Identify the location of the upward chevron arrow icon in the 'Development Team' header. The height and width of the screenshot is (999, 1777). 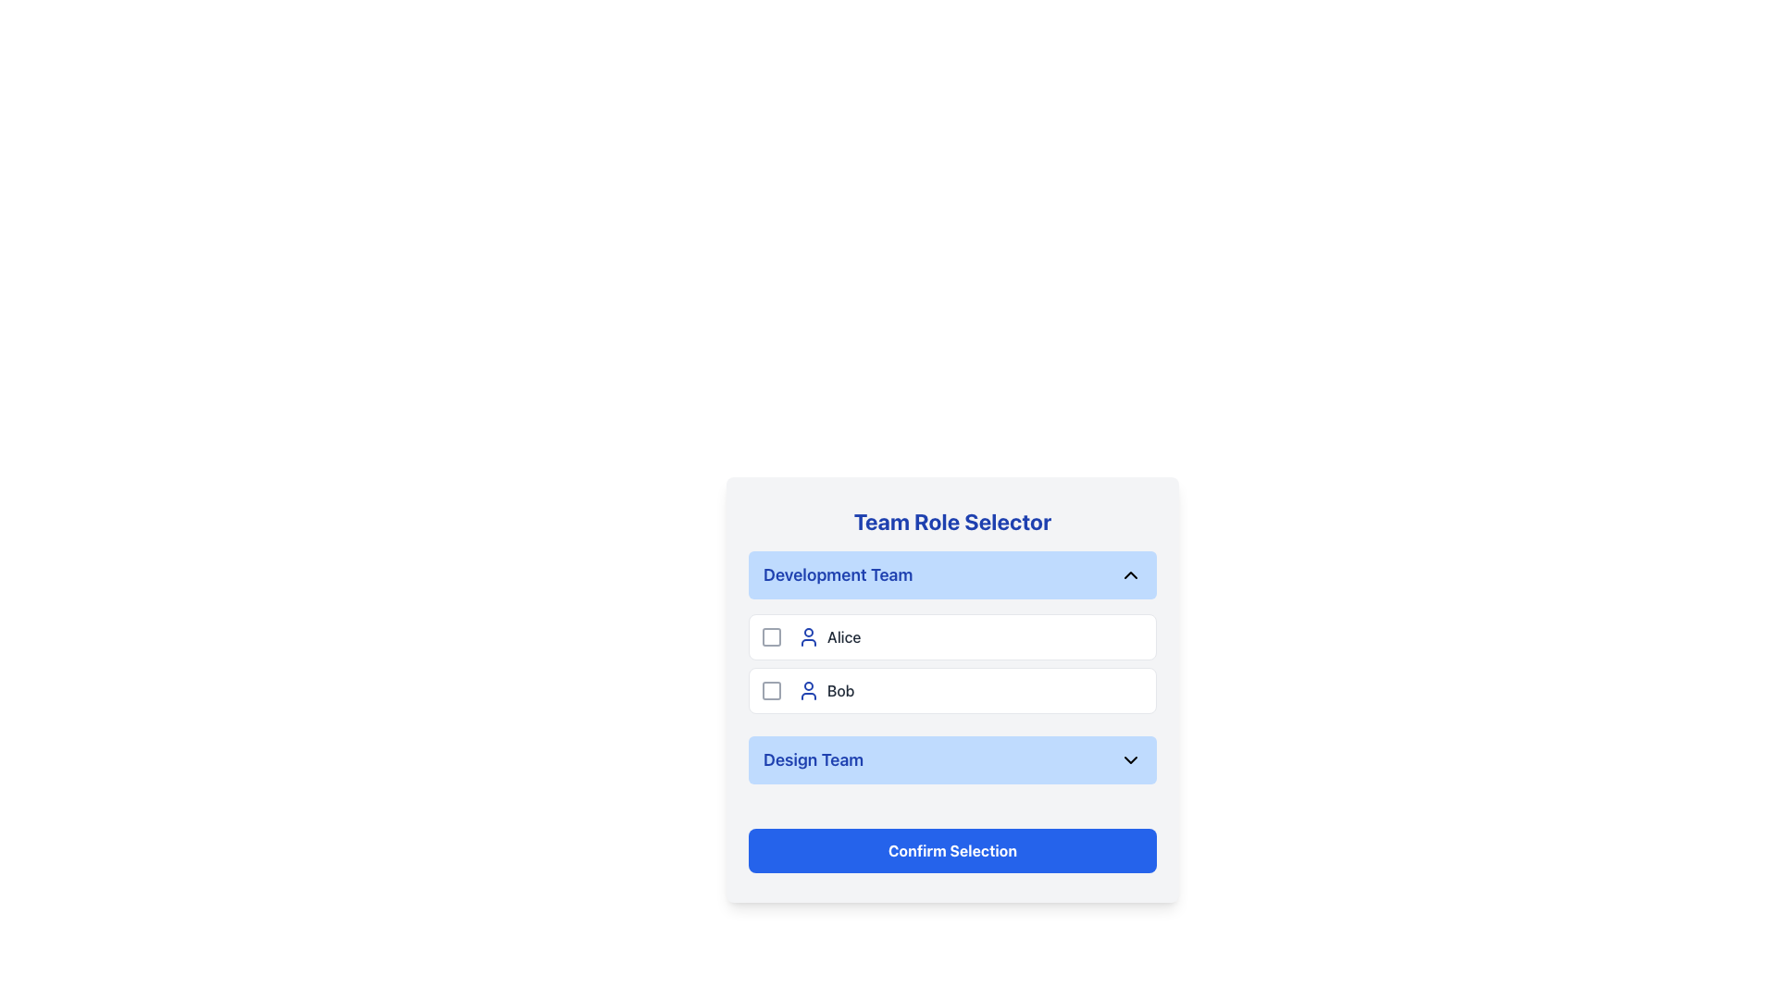
(1130, 573).